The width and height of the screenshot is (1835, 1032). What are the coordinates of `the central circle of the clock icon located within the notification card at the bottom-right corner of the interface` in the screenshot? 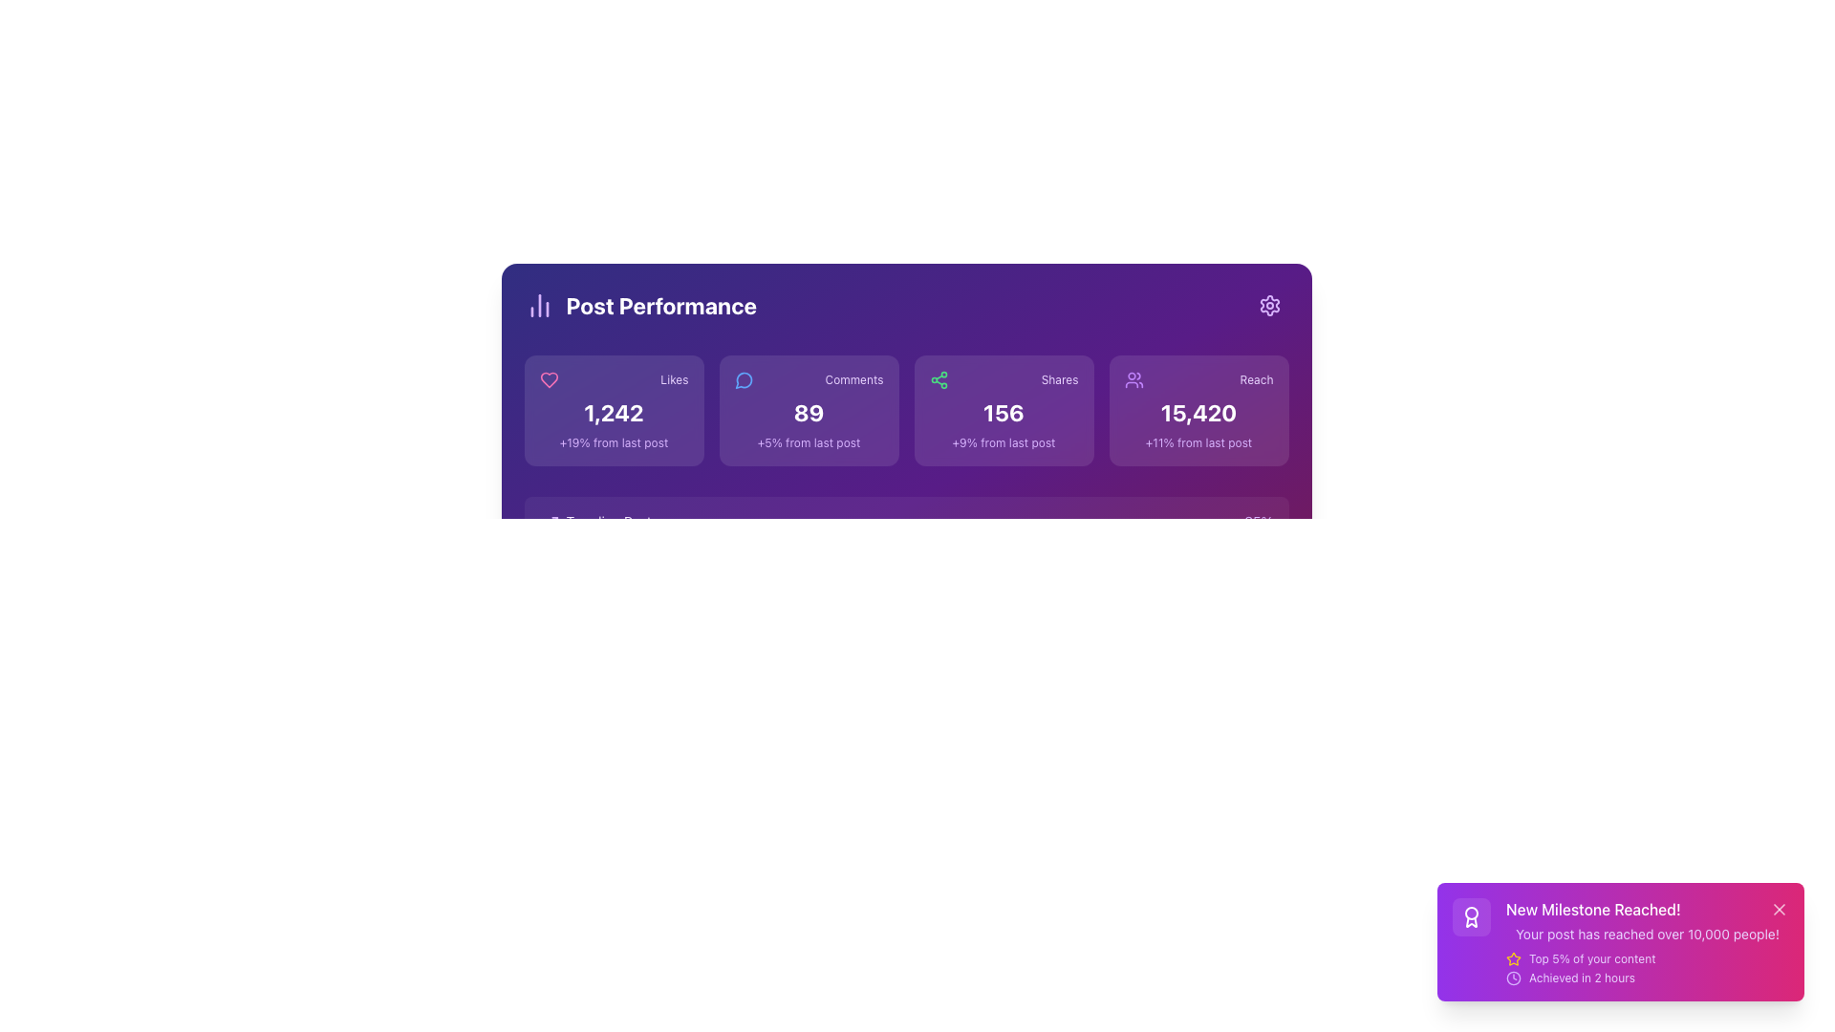 It's located at (1513, 978).